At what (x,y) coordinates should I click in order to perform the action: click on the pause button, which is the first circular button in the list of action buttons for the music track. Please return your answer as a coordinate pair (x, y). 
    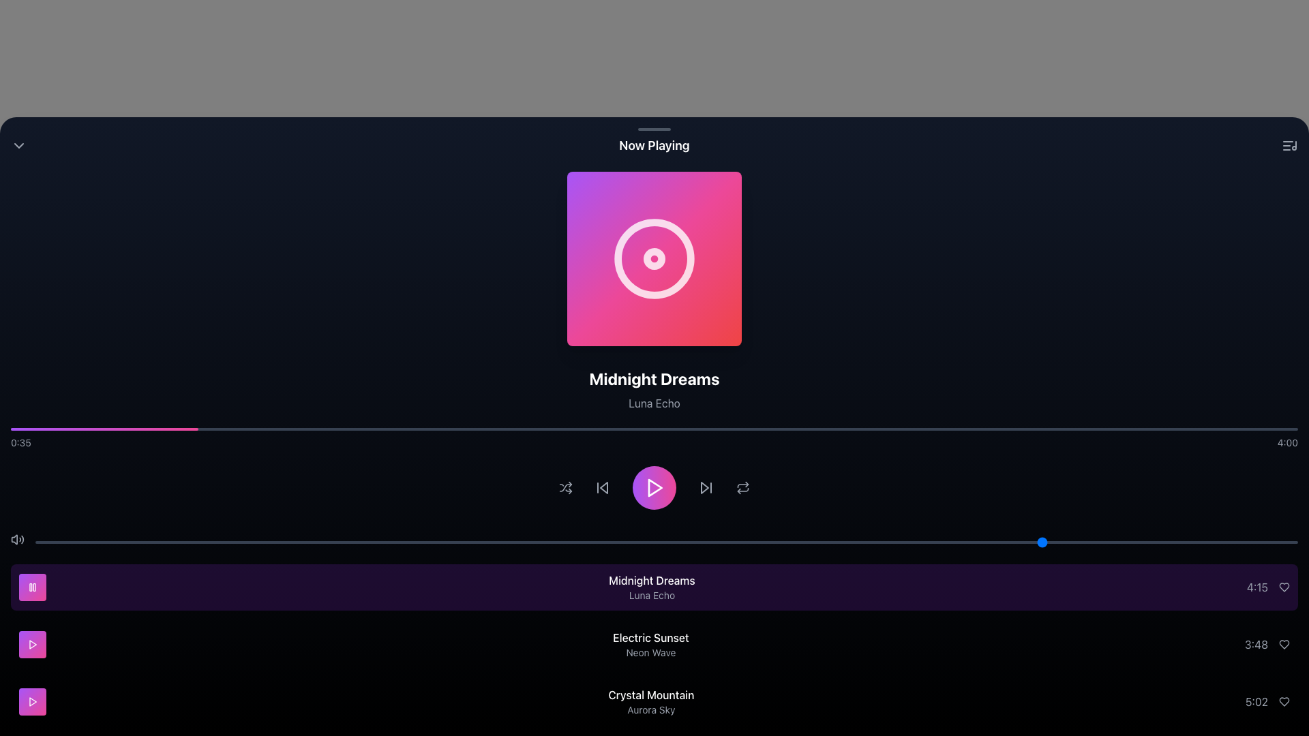
    Looking at the image, I should click on (33, 586).